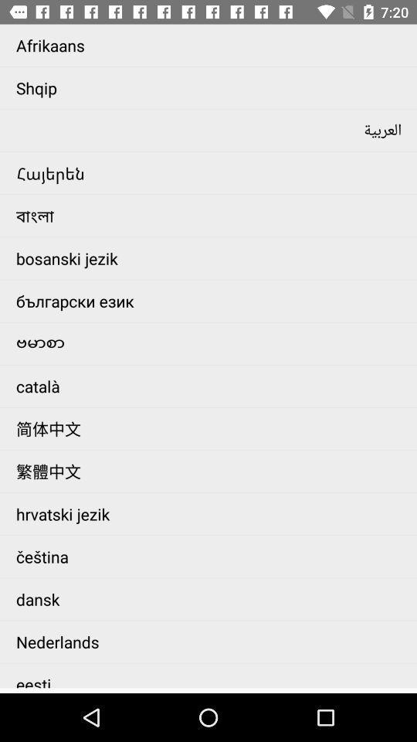  I want to click on app below hrvatski jezik app, so click(212, 556).